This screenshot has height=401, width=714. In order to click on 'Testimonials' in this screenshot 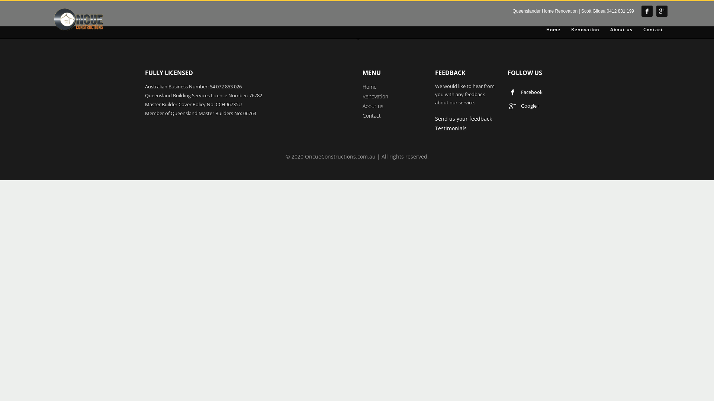, I will do `click(450, 128)`.